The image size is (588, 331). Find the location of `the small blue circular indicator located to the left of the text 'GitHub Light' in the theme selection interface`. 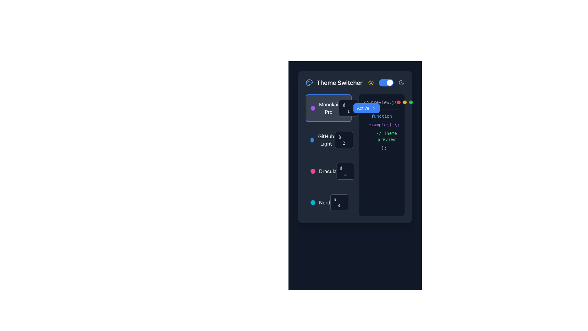

the small blue circular indicator located to the left of the text 'GitHub Light' in the theme selection interface is located at coordinates (312, 140).